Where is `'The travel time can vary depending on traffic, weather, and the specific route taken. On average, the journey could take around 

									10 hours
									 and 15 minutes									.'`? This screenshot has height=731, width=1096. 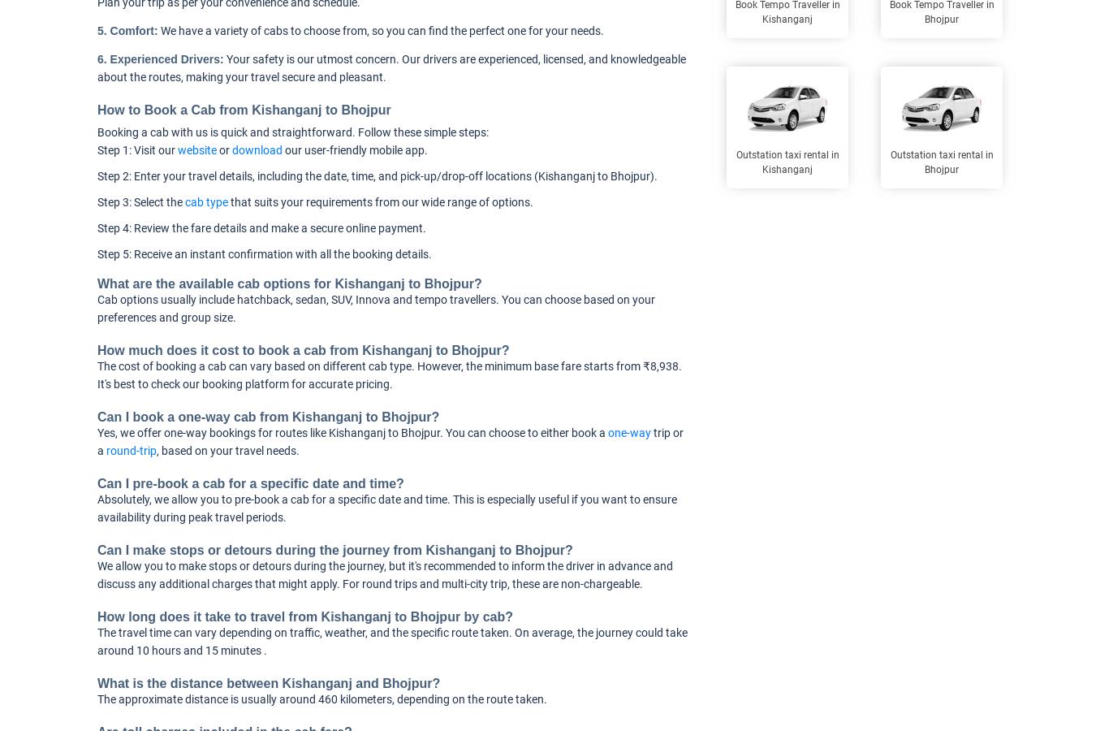 'The travel time can vary depending on traffic, weather, and the specific route taken. On average, the journey could take around 

									10 hours
									 and 15 minutes									.' is located at coordinates (97, 642).